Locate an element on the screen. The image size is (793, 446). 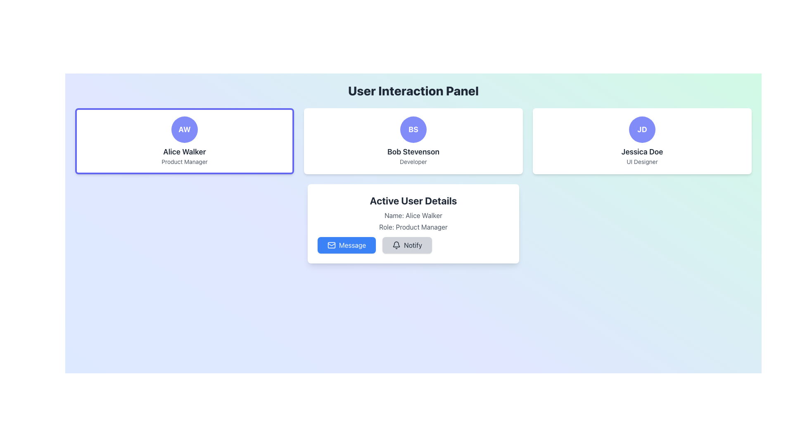
the 'Message' button located in the lower-left corner of the 'Active User Details' card to send a message, which is visually represented by the decorative envelope SVG icon is located at coordinates (331, 244).